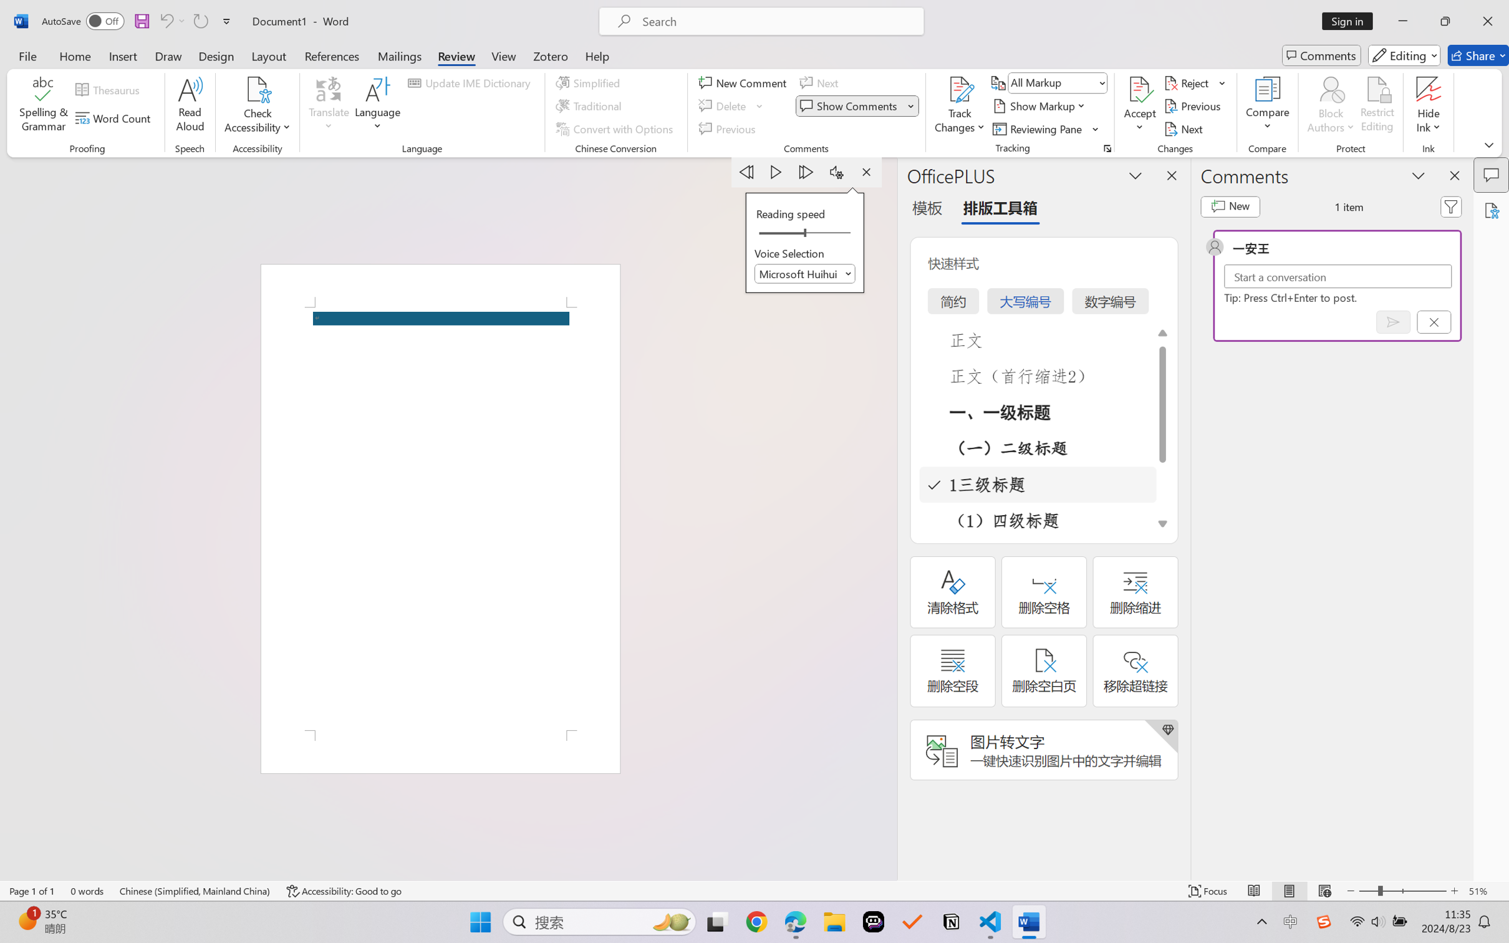 This screenshot has height=943, width=1509. What do you see at coordinates (1139, 106) in the screenshot?
I see `'Accept'` at bounding box center [1139, 106].